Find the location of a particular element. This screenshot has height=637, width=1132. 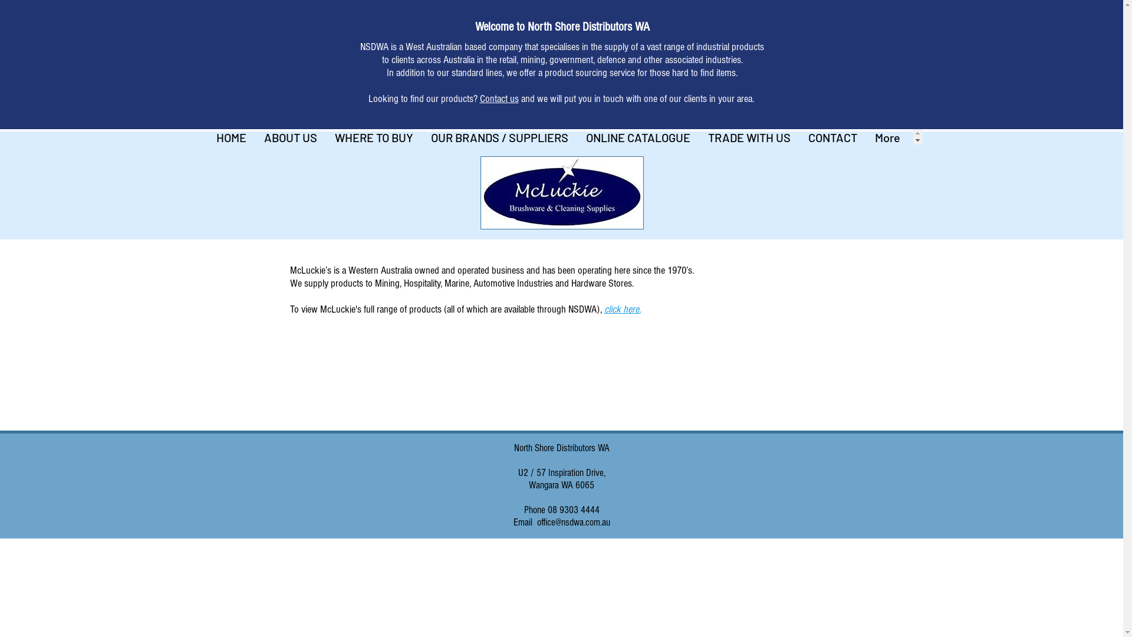

'ABOUT US' is located at coordinates (289, 136).